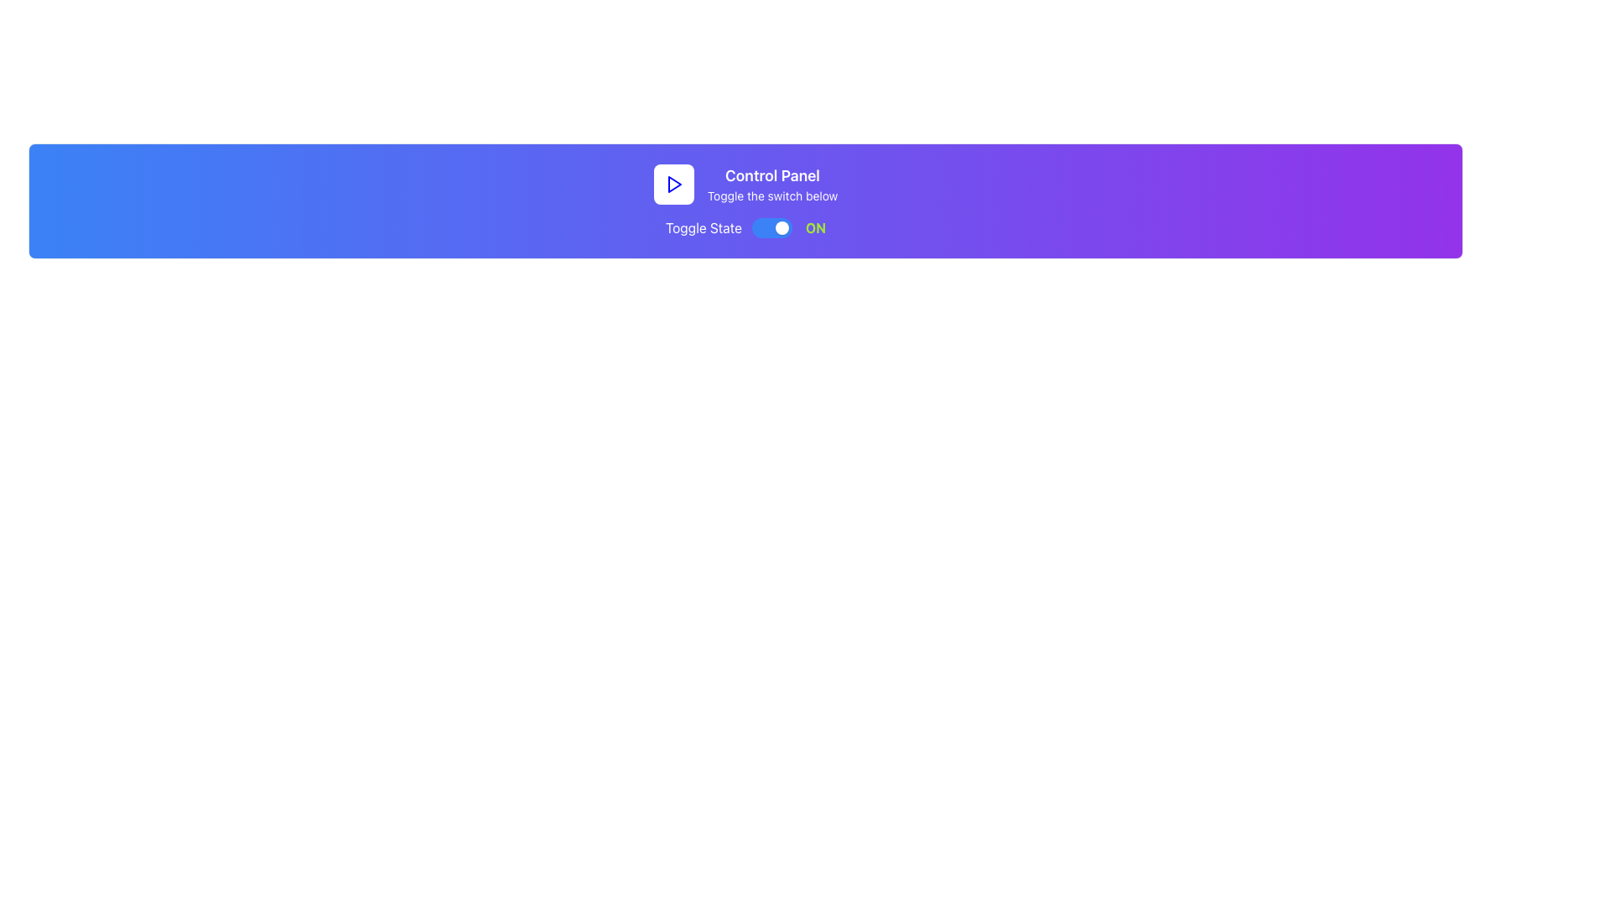 This screenshot has width=1610, height=906. What do you see at coordinates (673, 184) in the screenshot?
I see `the blue play icon, which is styled as a triangular shape pointing to the right and is located in the top left section of the header area within a white circular background` at bounding box center [673, 184].